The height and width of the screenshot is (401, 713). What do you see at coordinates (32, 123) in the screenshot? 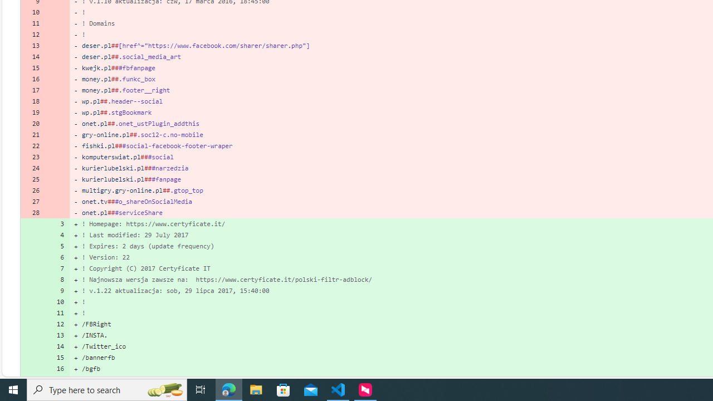
I see `'20'` at bounding box center [32, 123].